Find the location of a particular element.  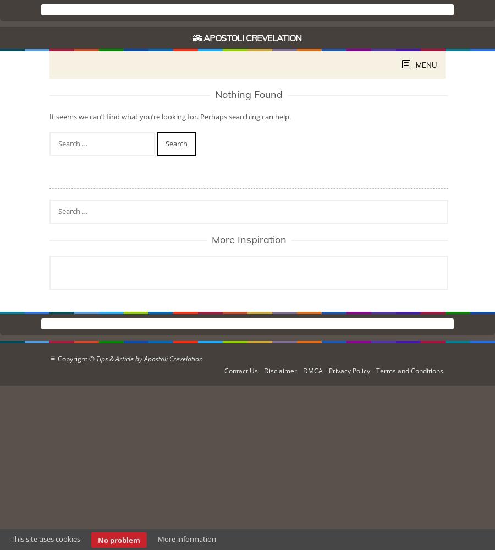

'MENU' is located at coordinates (425, 64).